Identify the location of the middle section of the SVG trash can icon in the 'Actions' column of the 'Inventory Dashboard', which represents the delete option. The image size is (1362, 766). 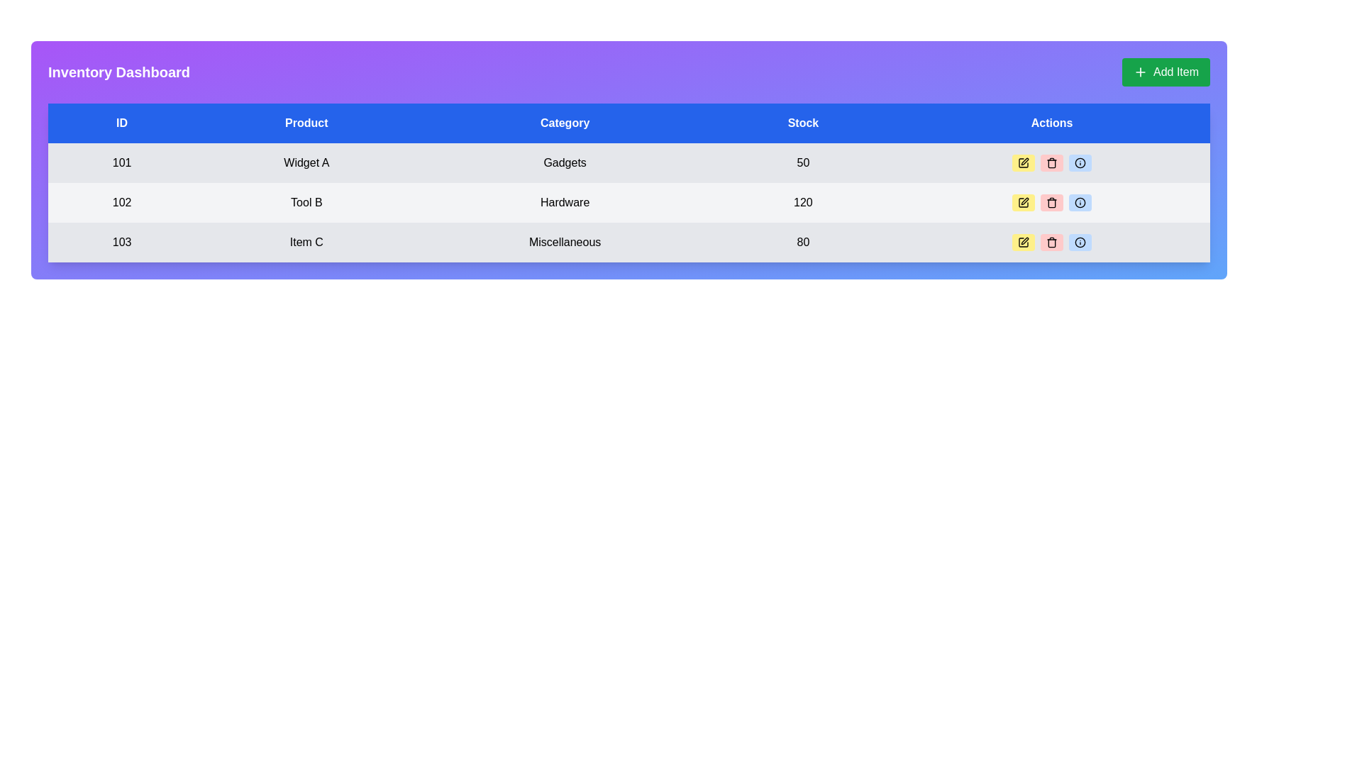
(1052, 204).